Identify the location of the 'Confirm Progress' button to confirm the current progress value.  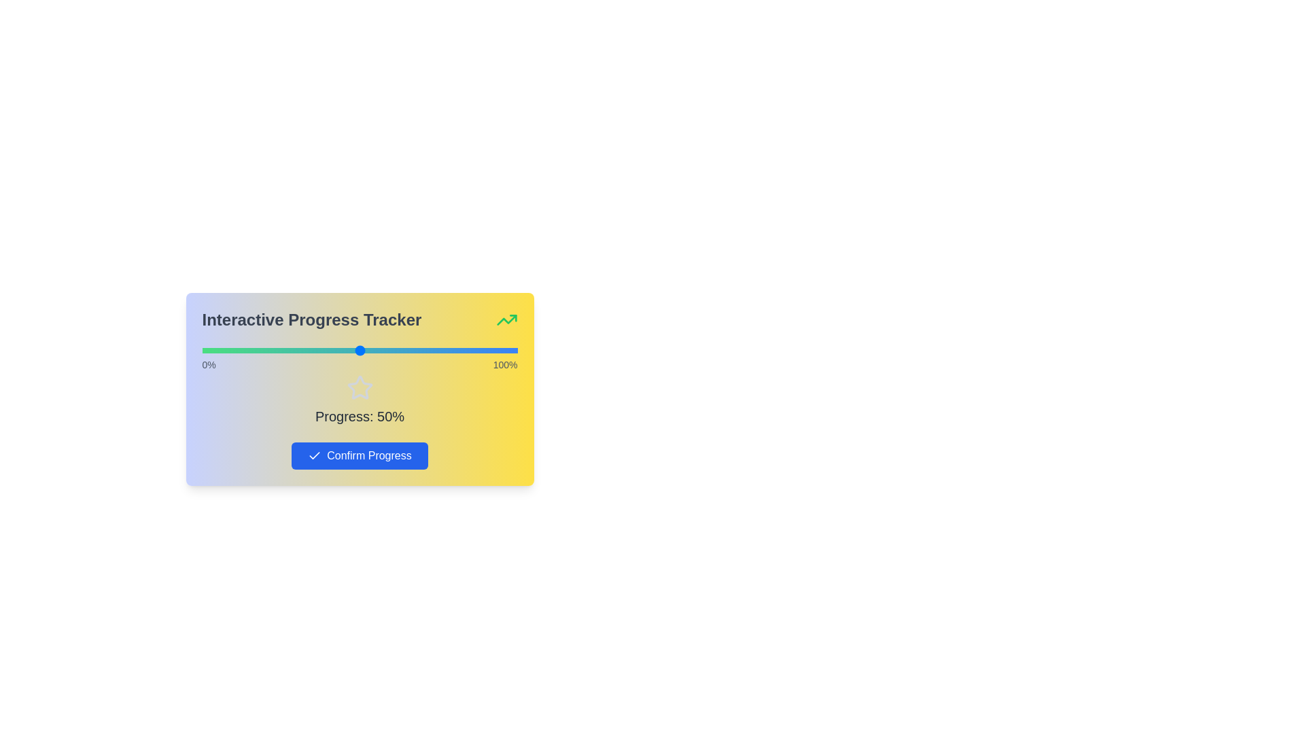
(360, 456).